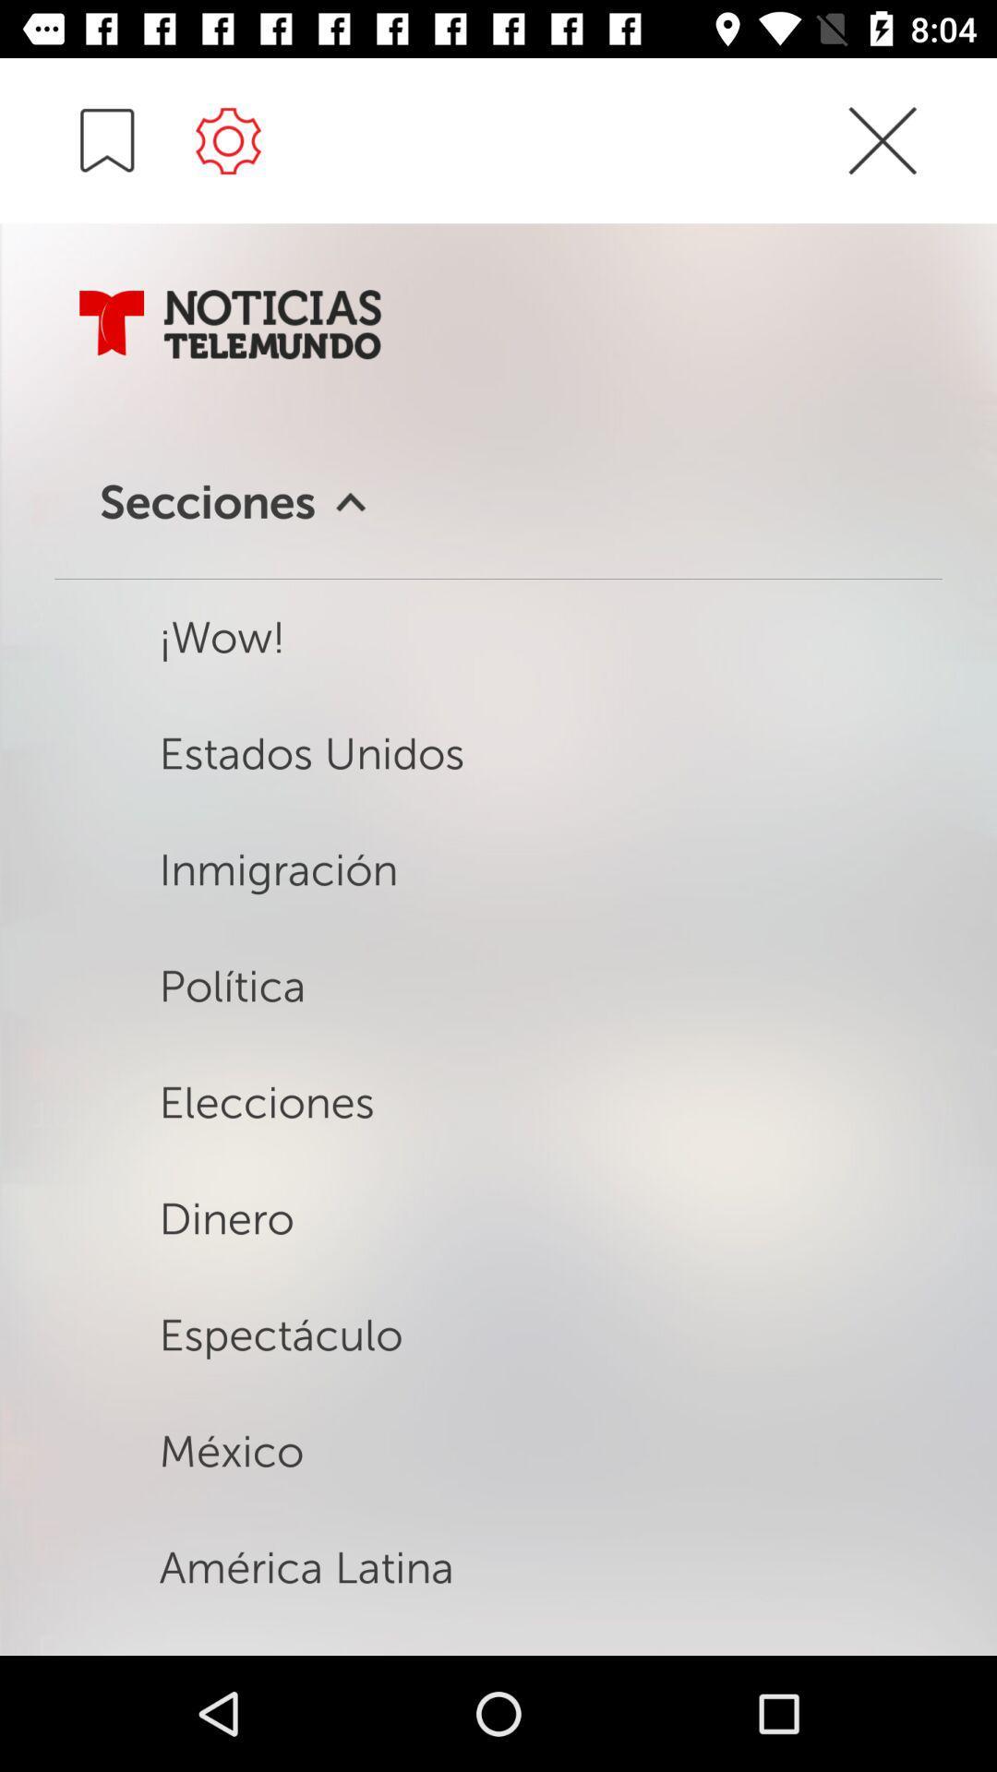 The image size is (997, 1772). What do you see at coordinates (107, 139) in the screenshot?
I see `the minus icon` at bounding box center [107, 139].